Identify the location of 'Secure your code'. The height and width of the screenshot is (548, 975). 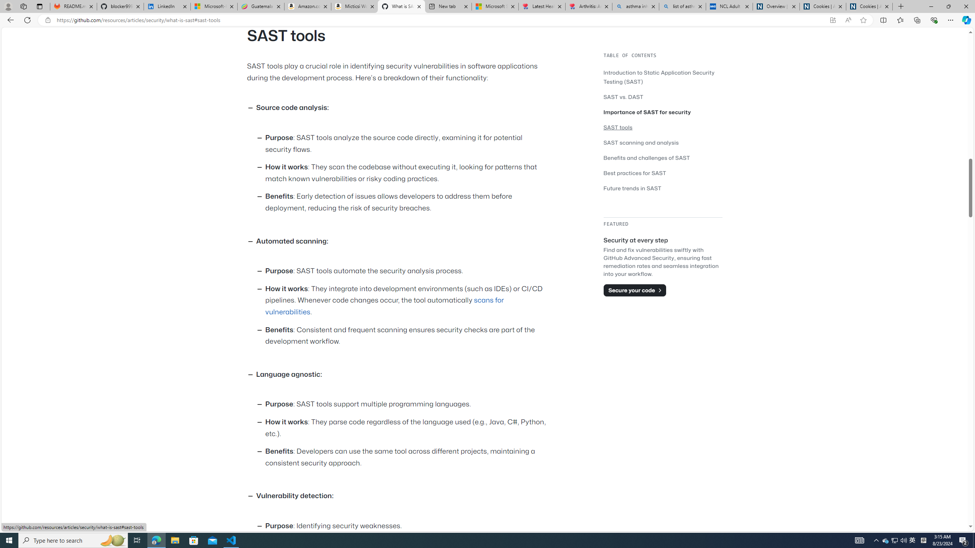
(635, 290).